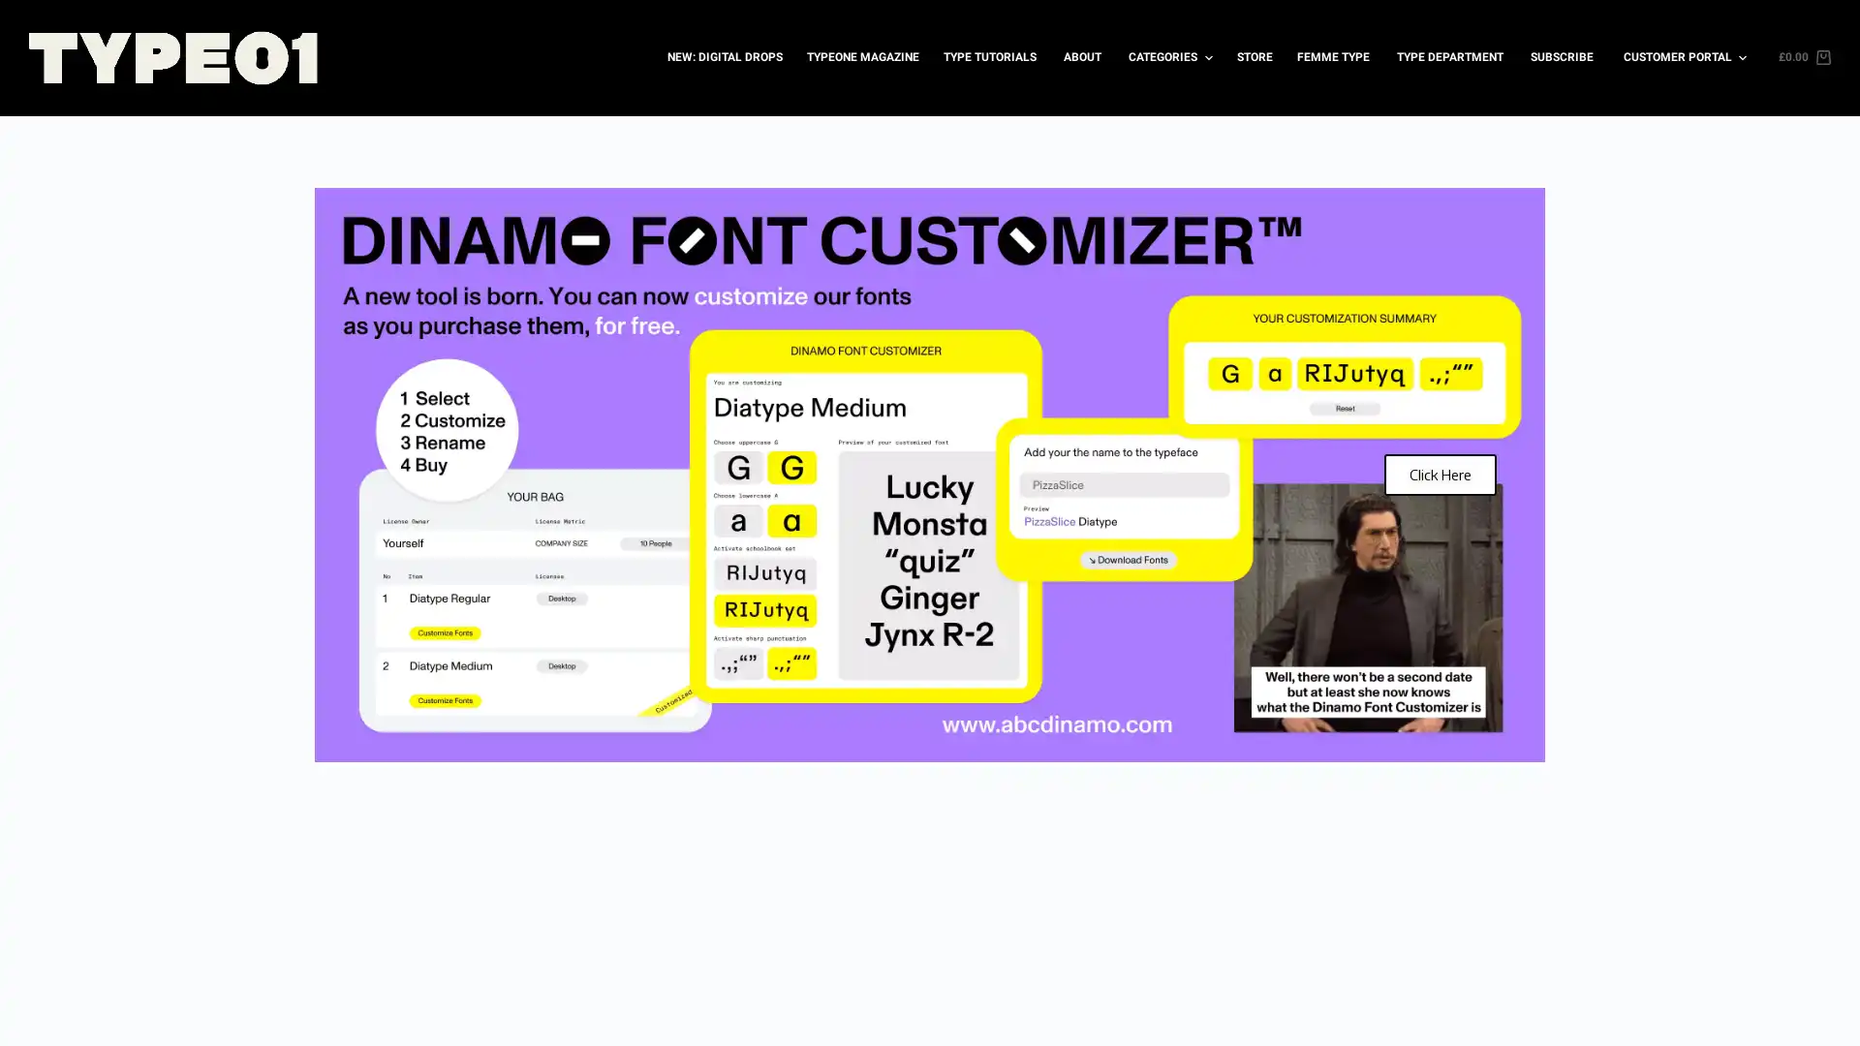  I want to click on Go to slide 1, so click(902, 747).